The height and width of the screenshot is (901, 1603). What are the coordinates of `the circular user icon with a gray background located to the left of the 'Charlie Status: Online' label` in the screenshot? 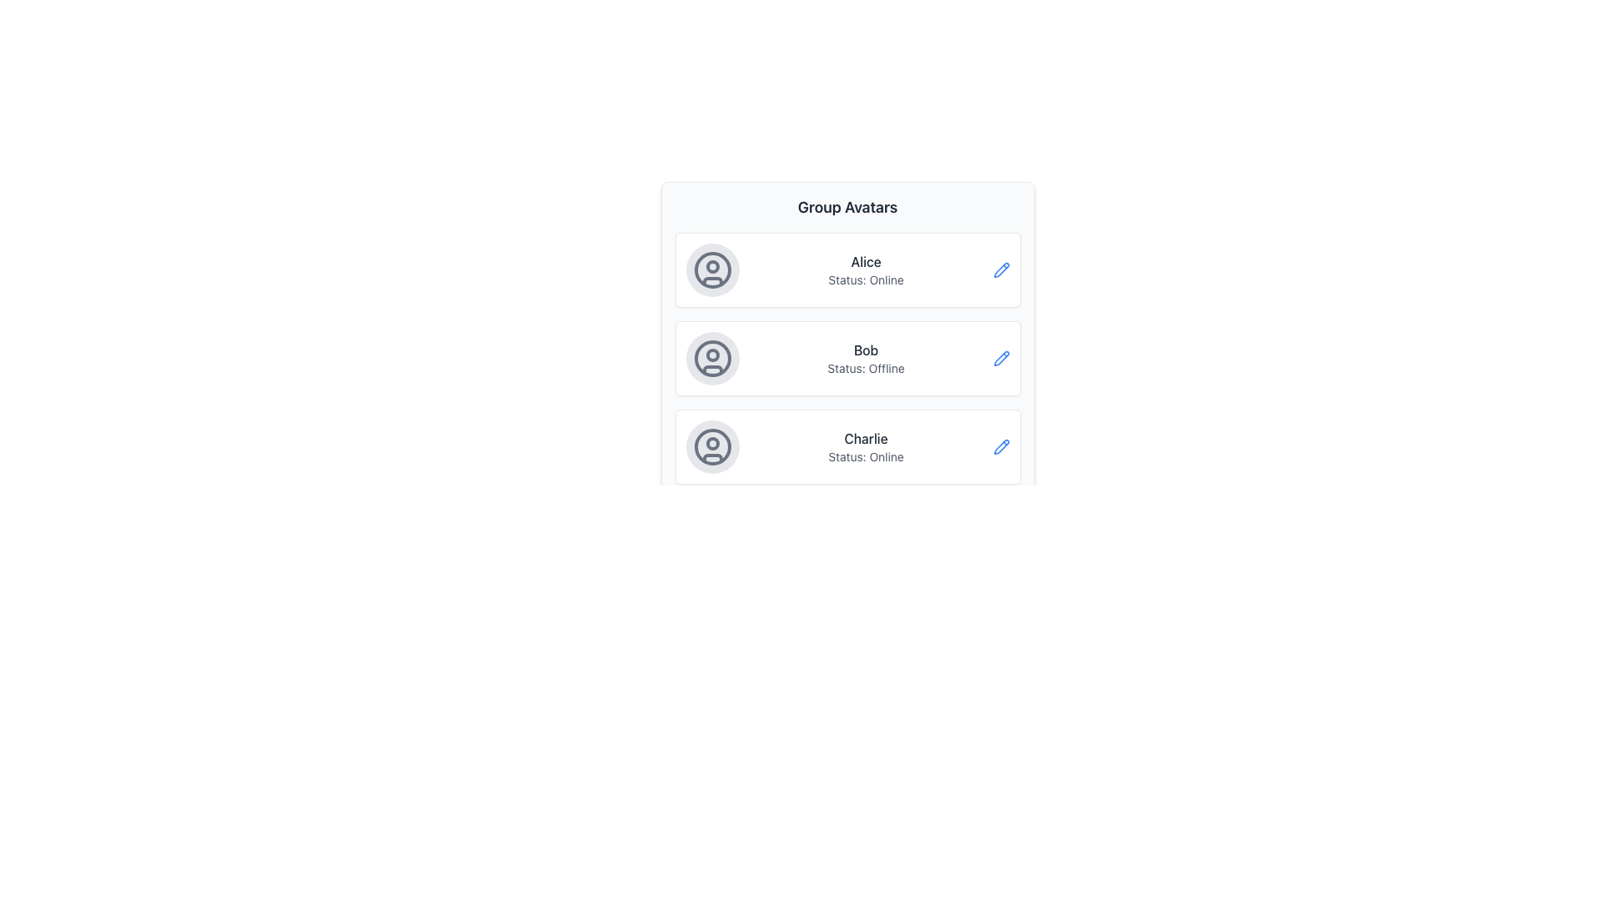 It's located at (712, 446).